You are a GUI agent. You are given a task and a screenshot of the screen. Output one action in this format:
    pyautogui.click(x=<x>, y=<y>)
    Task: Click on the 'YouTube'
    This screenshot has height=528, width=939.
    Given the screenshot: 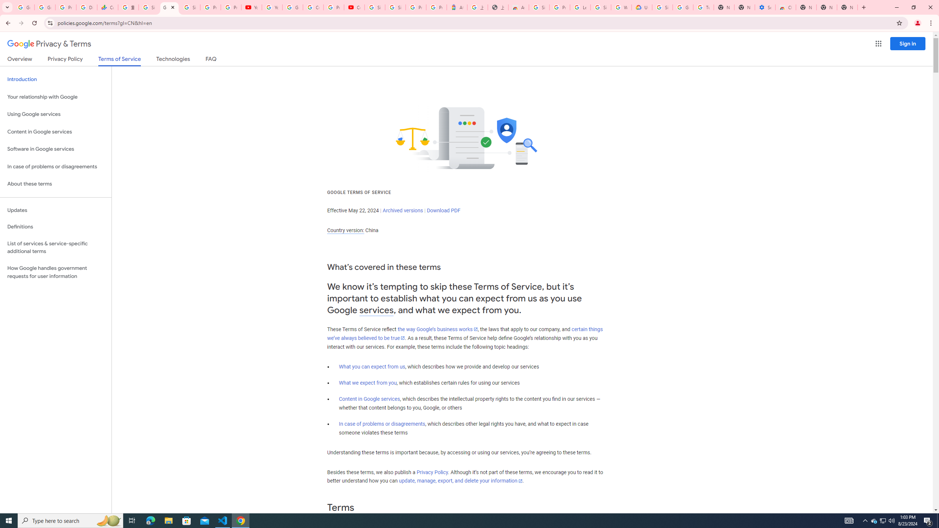 What is the action you would take?
    pyautogui.click(x=251, y=7)
    